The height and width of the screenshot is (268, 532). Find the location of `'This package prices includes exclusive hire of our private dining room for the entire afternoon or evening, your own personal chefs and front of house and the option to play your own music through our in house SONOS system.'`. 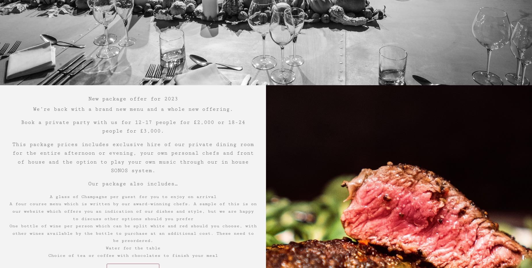

'This package prices includes exclusive hire of our private dining room for the entire afternoon or evening, your own personal chefs and front of house and the option to play your own music through our in house SONOS system.' is located at coordinates (132, 157).